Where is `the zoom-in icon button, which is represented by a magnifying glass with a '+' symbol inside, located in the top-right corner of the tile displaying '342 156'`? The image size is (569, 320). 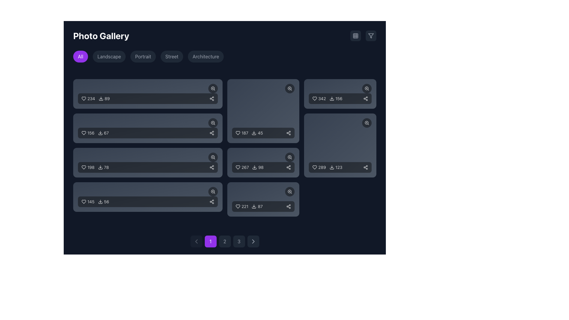
the zoom-in icon button, which is represented by a magnifying glass with a '+' symbol inside, located in the top-right corner of the tile displaying '342 156' is located at coordinates (367, 89).